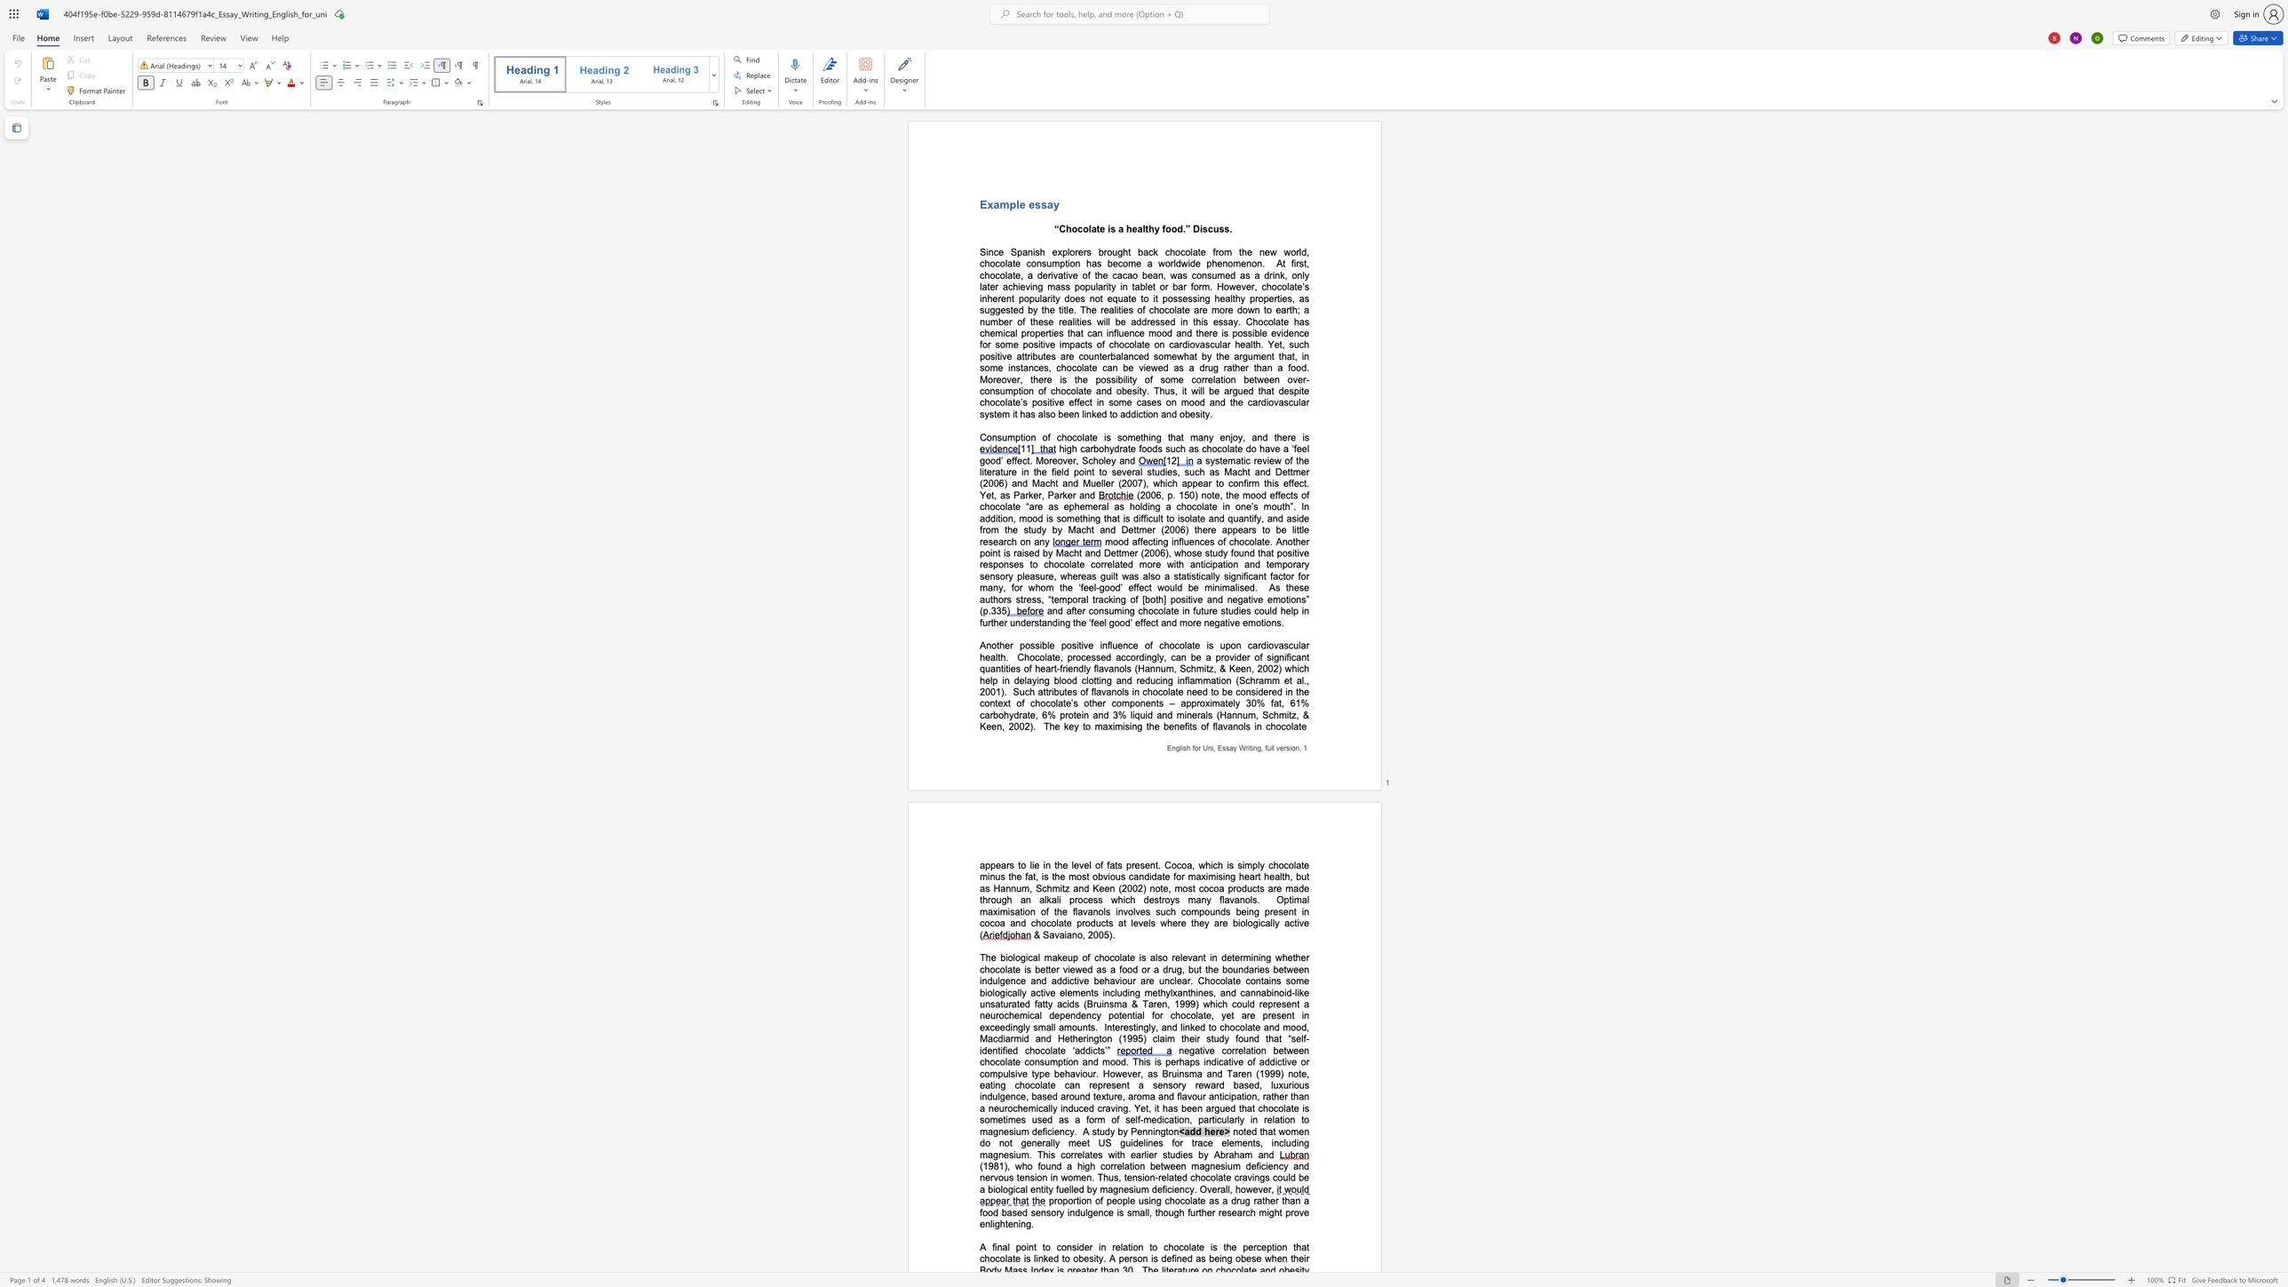 The width and height of the screenshot is (2288, 1287). Describe the element at coordinates (1283, 748) in the screenshot. I see `the subset text "rs" within the text "English for Uni, Essay Writing, full version,"` at that location.